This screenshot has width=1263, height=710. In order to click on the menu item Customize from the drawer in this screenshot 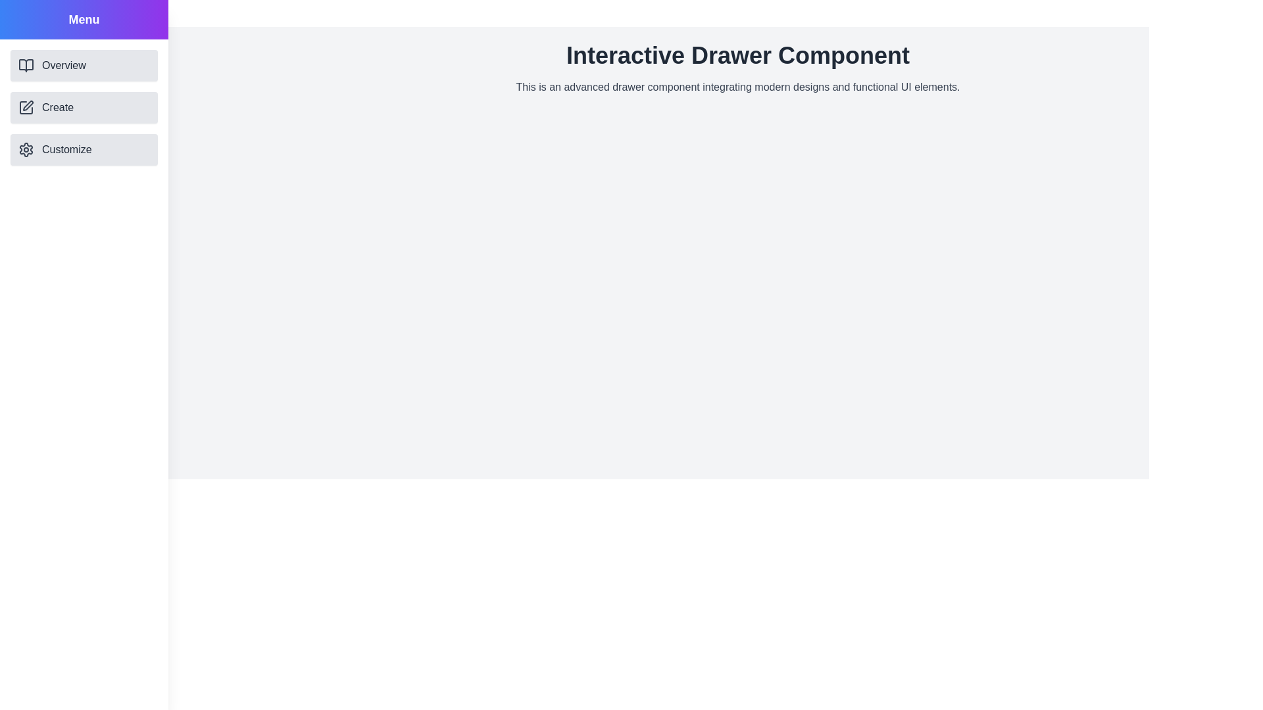, I will do `click(84, 149)`.